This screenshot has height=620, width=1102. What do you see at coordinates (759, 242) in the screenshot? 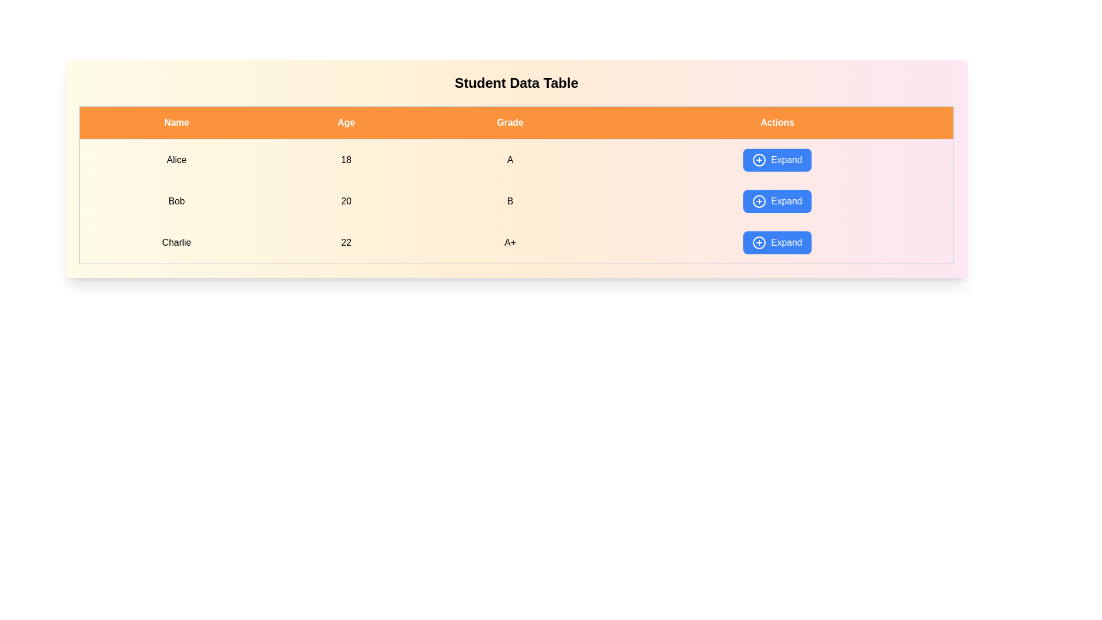
I see `the expansion icon located in the last 'Expand' button of the 'Actions' column for the row containing the student named 'Charlie'` at bounding box center [759, 242].